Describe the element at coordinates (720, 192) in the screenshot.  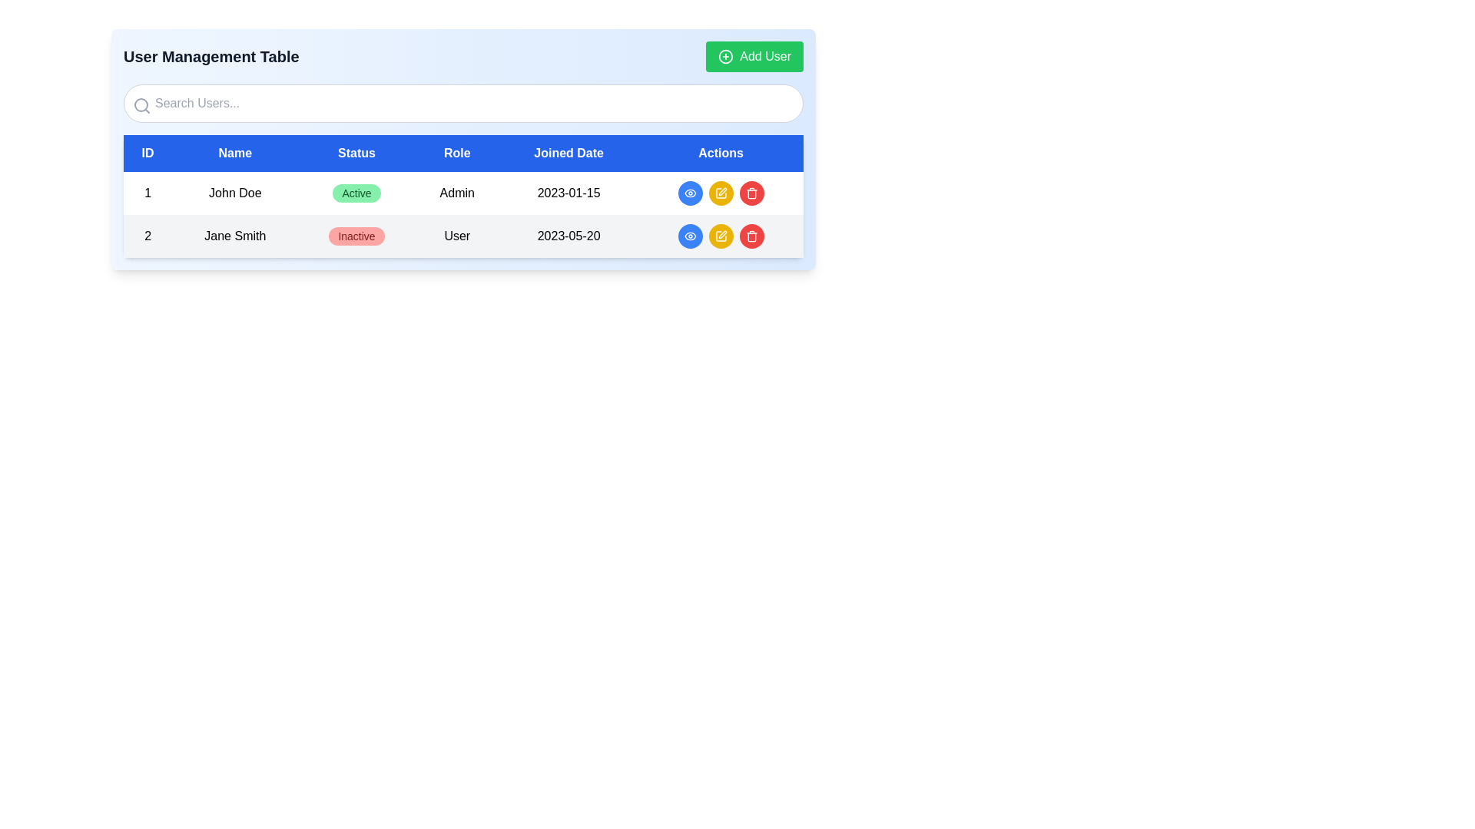
I see `the circular yellow button with a white pen icon, located in the first row of the user table's 'Actions' column` at that location.